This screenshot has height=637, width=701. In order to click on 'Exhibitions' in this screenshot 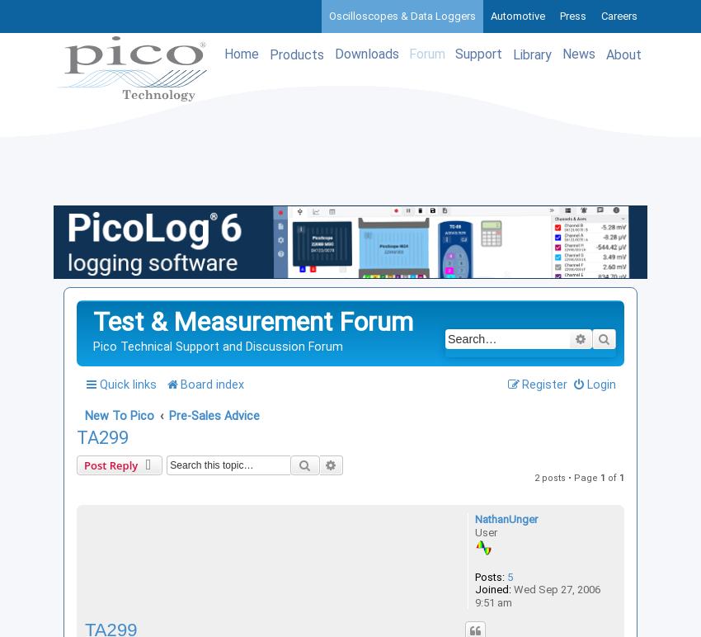, I will do `click(576, 164)`.